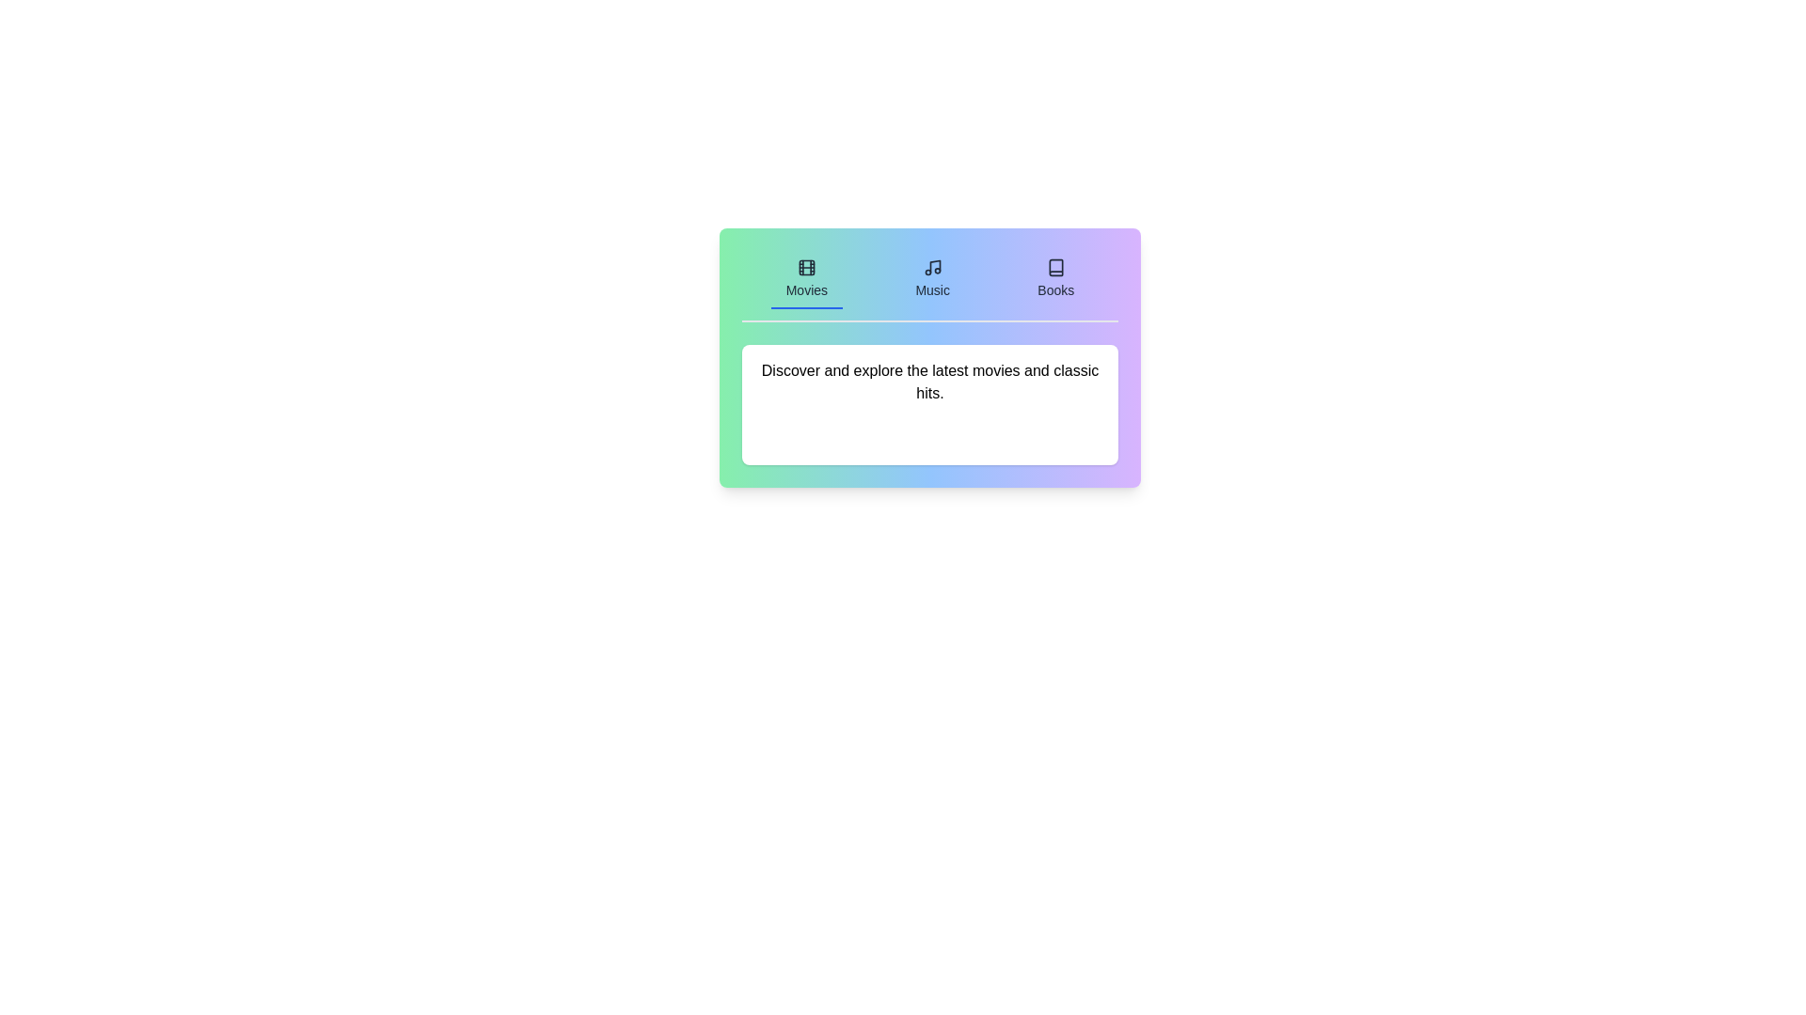 This screenshot has width=1806, height=1015. Describe the element at coordinates (806, 279) in the screenshot. I see `the Movies tab to display its content` at that location.